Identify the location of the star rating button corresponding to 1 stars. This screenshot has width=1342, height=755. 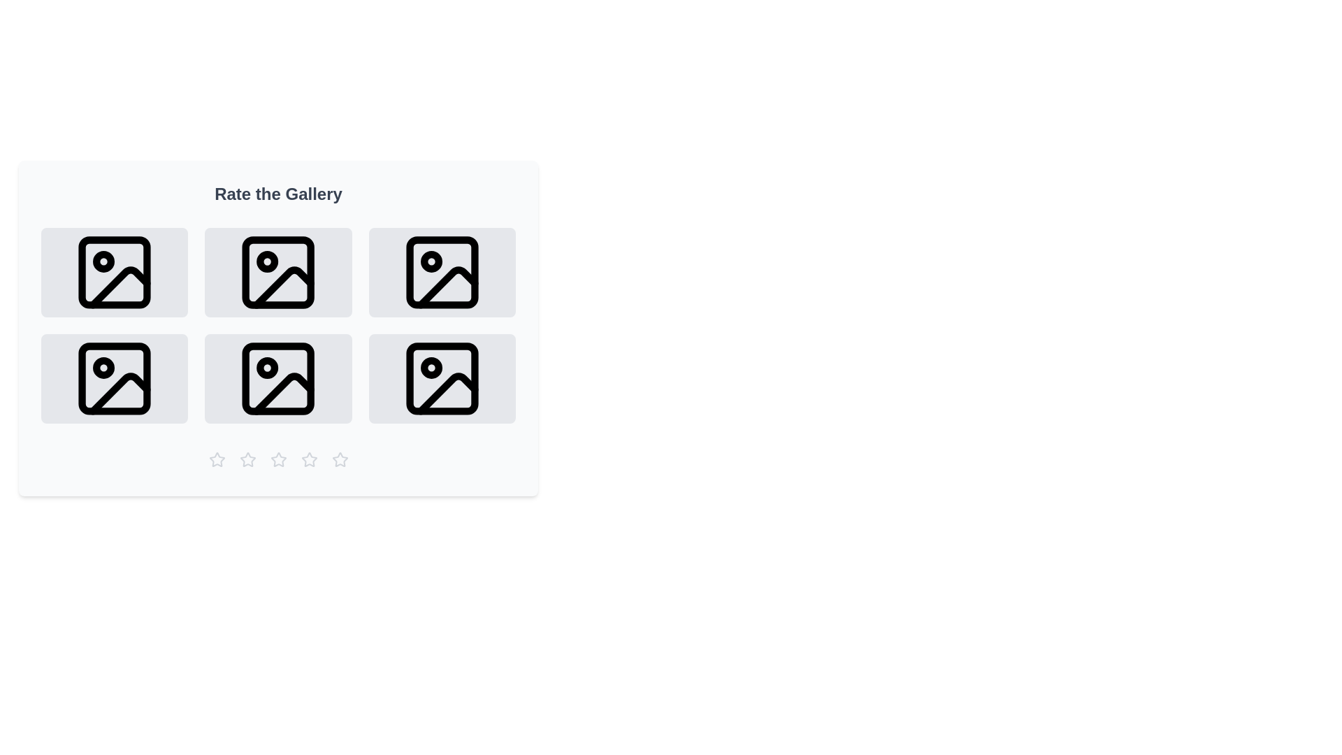
(216, 460).